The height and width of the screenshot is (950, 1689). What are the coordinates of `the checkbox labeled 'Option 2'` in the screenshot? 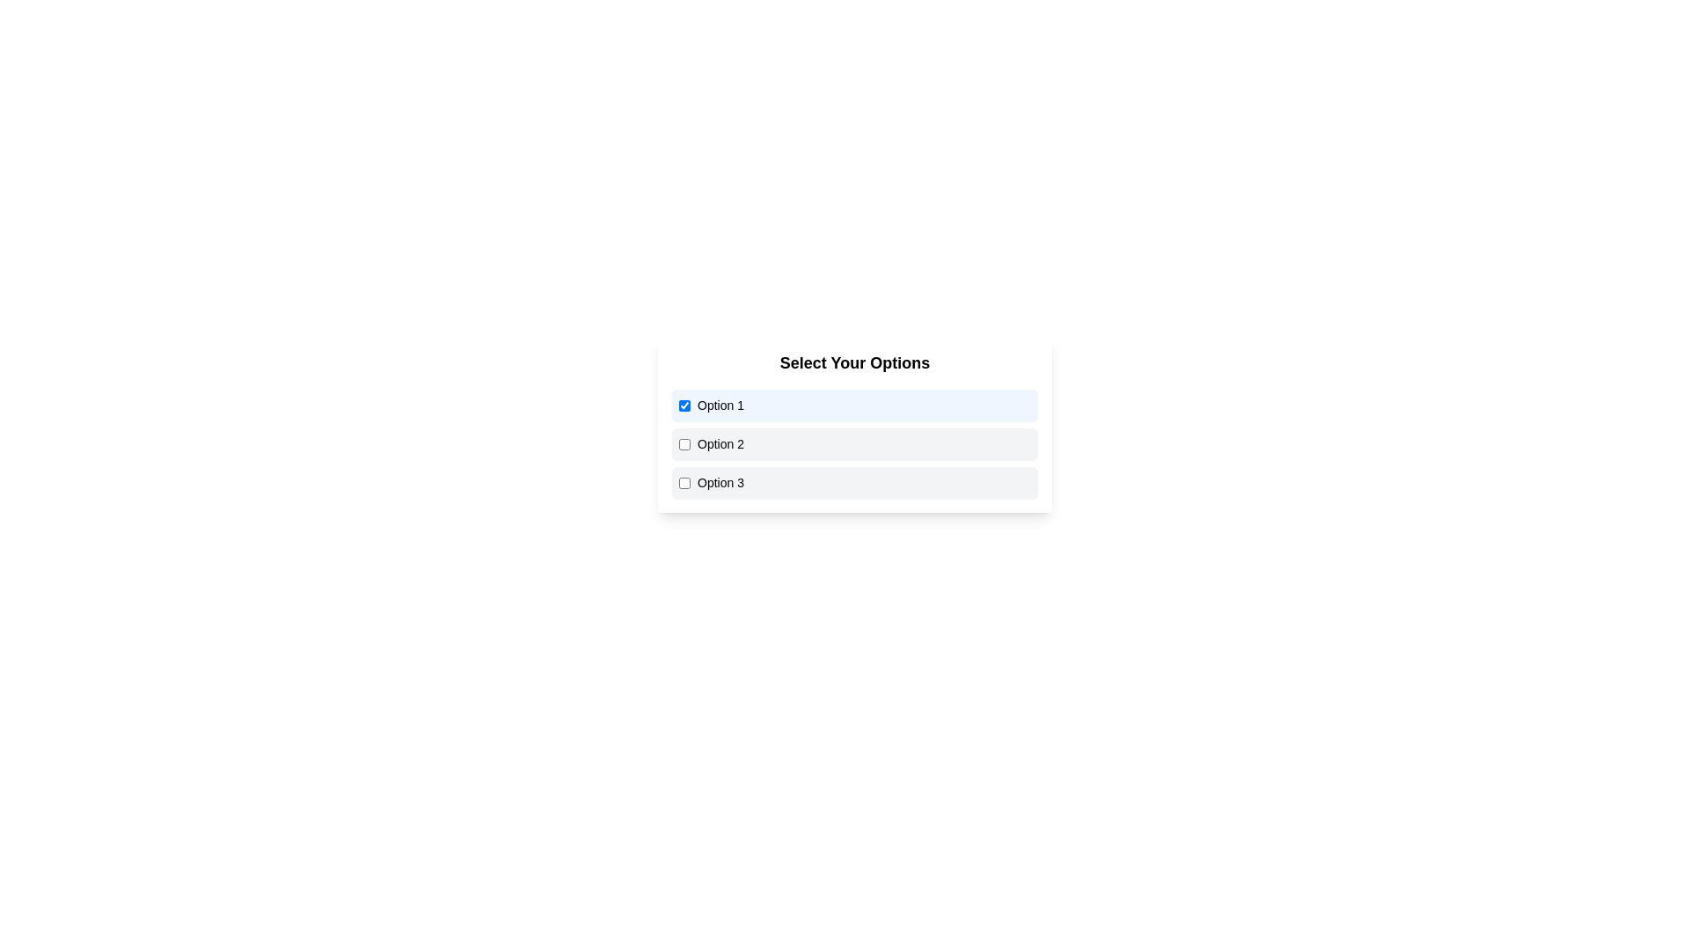 It's located at (684, 443).